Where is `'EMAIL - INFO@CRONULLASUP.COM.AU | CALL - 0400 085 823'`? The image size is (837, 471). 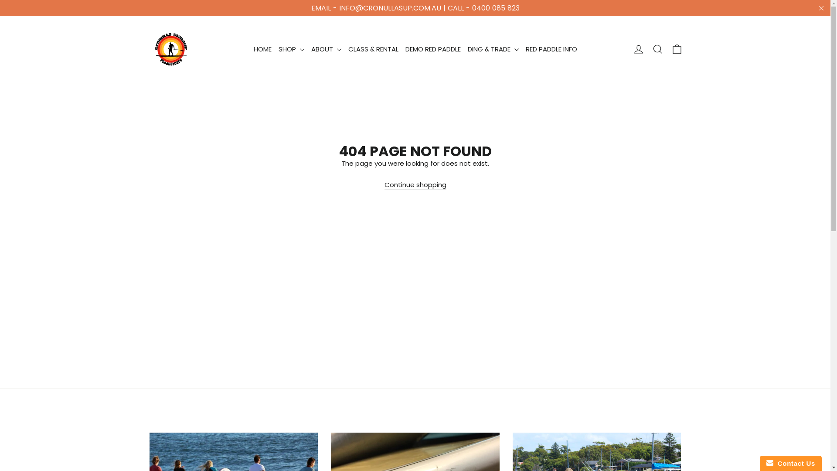 'EMAIL - INFO@CRONULLASUP.COM.AU | CALL - 0400 085 823' is located at coordinates (0, 8).